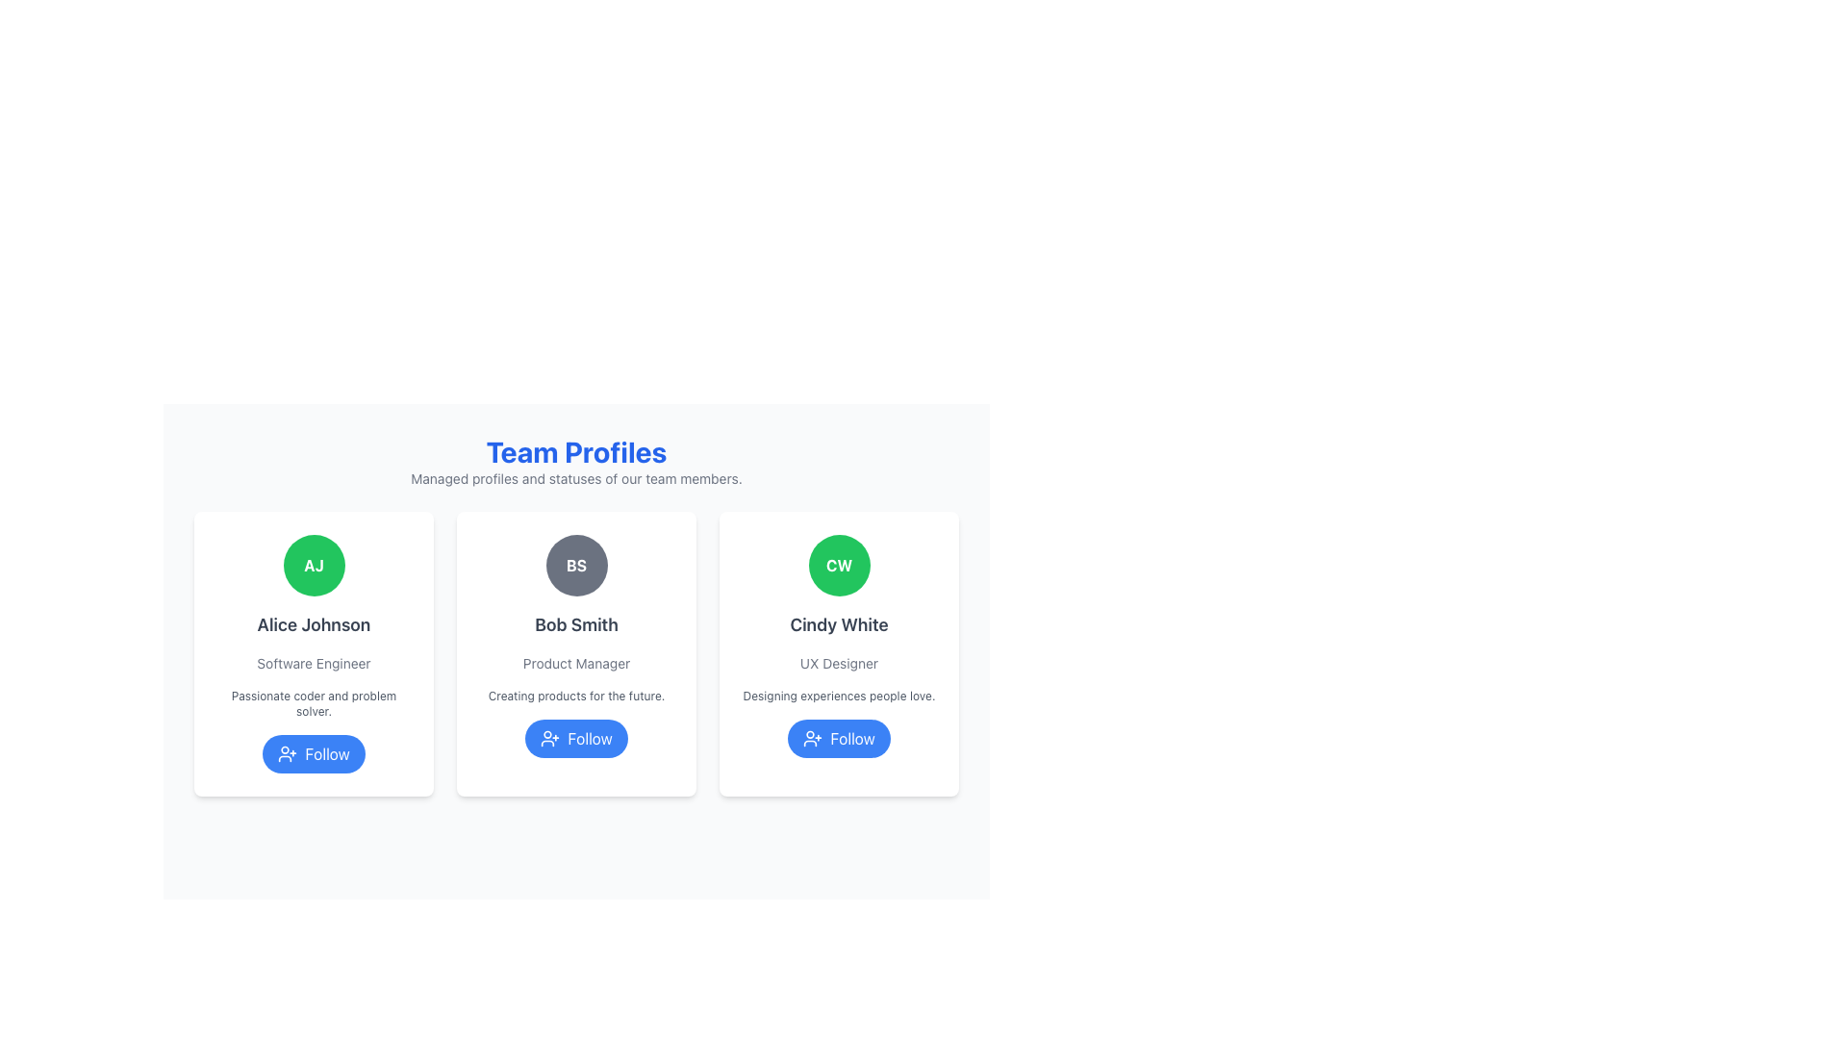 This screenshot has height=1039, width=1847. I want to click on the Text label that serves as a caption for 'Bob Smith', located beneath the 'Product Manager' title and above the 'Follow' button, so click(575, 697).